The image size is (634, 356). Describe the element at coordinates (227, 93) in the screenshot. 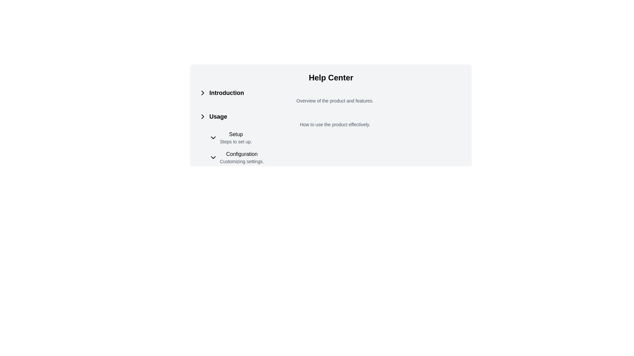

I see `the navigational link indicating the title of the collapsible menu section located near the top-left of the menu panel` at that location.